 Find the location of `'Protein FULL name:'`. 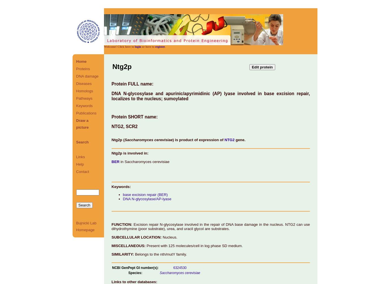

'Protein FULL name:' is located at coordinates (111, 84).